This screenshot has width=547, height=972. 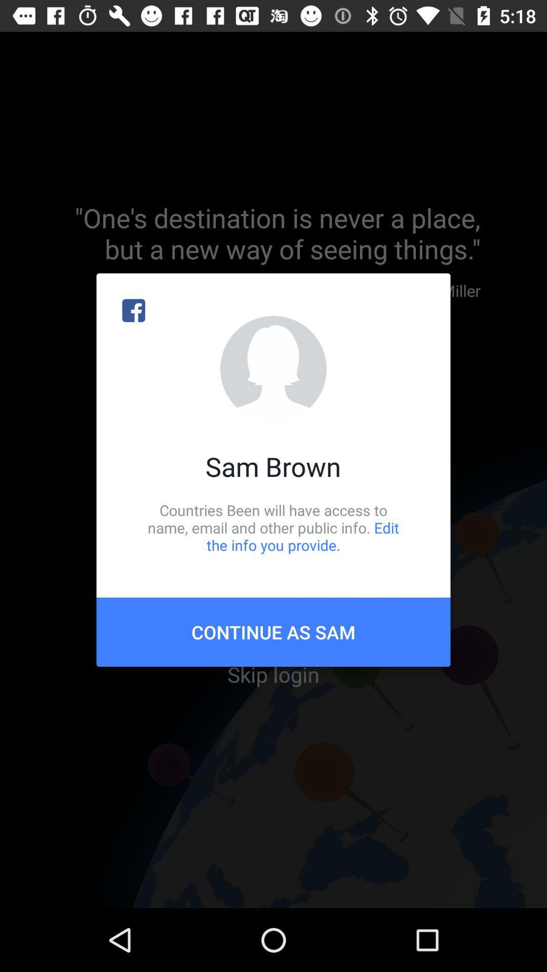 I want to click on the icon below the countries been will icon, so click(x=273, y=631).